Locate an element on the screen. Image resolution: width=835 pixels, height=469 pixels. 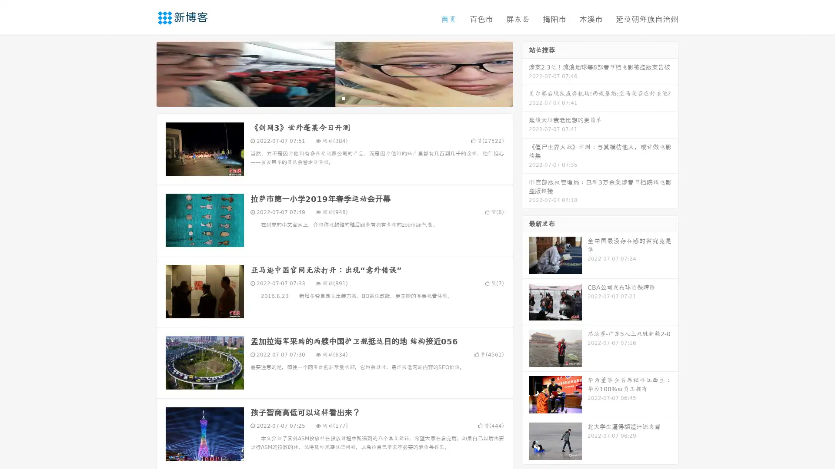
Go to slide 2 is located at coordinates (334, 98).